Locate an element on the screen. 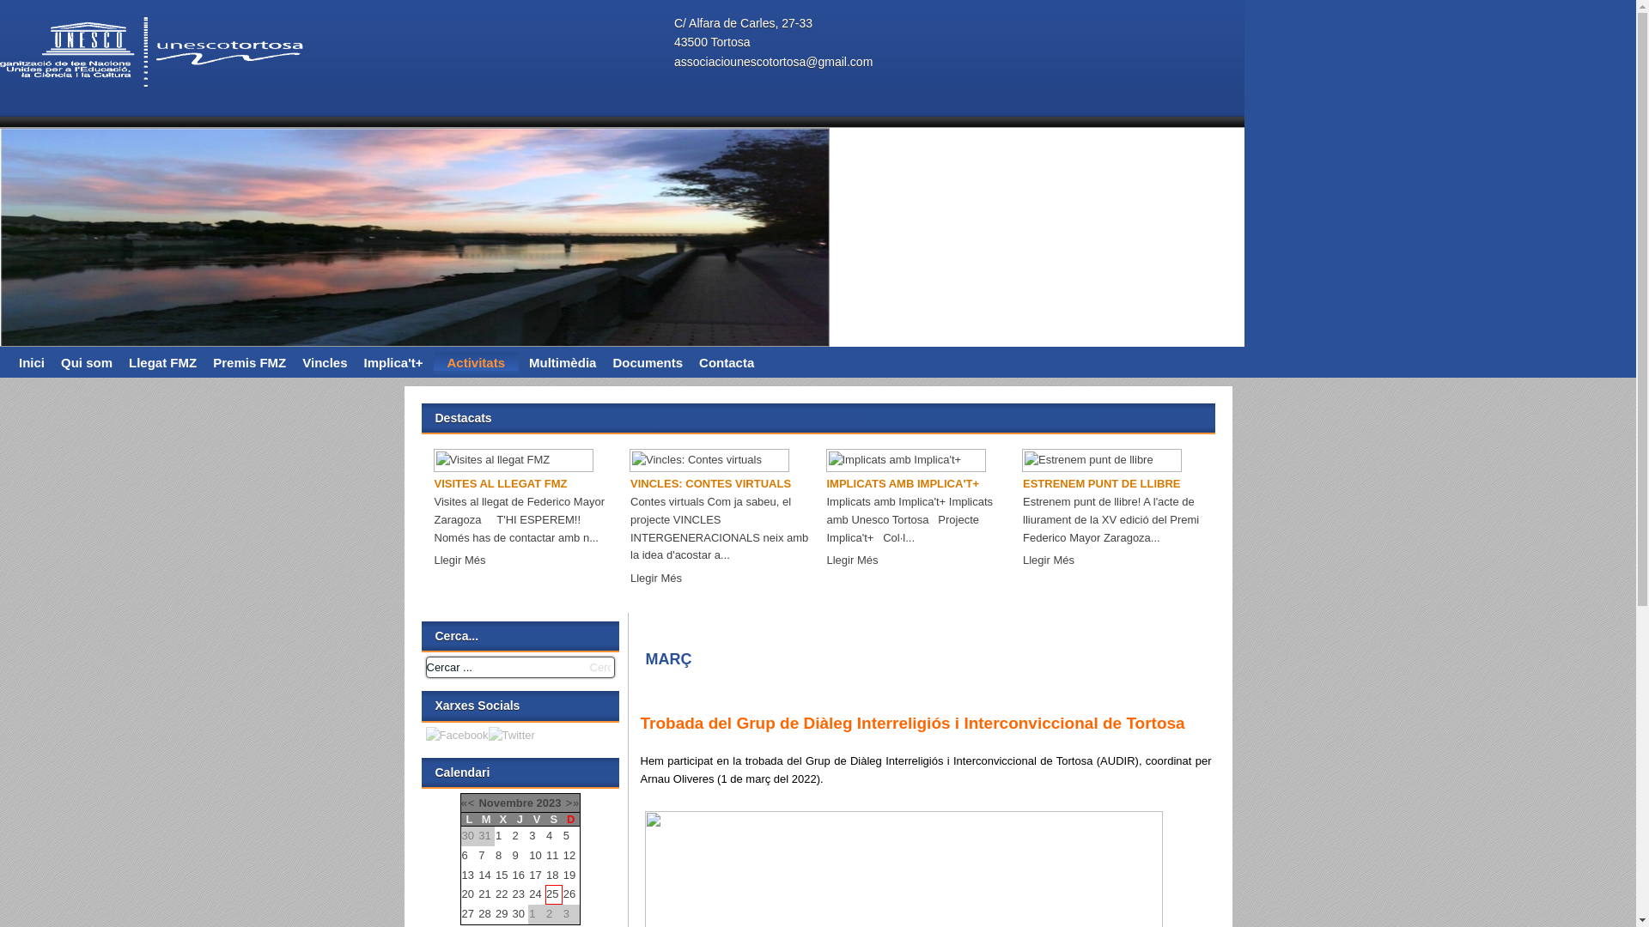  'Inici' is located at coordinates (32, 362).